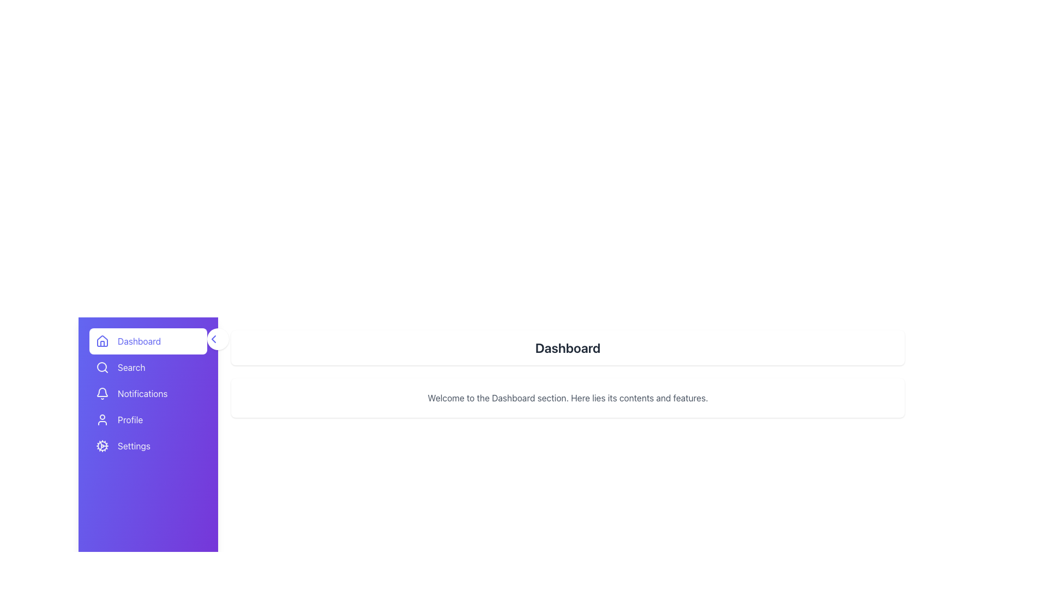  What do you see at coordinates (102, 368) in the screenshot?
I see `the 'Search' icon located in the vertical navigation menu to initiate the search function` at bounding box center [102, 368].